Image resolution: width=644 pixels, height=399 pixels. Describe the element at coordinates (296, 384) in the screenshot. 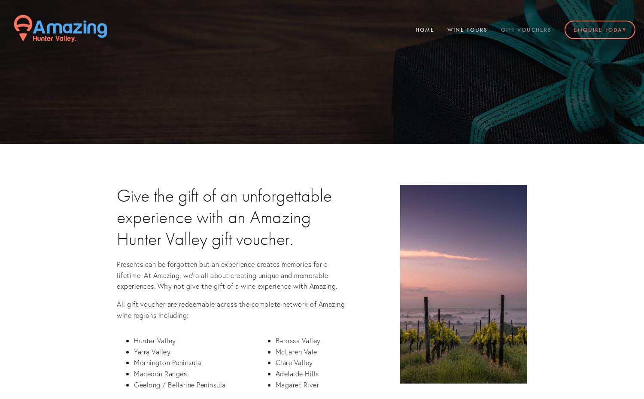

I see `'Magaret River'` at that location.